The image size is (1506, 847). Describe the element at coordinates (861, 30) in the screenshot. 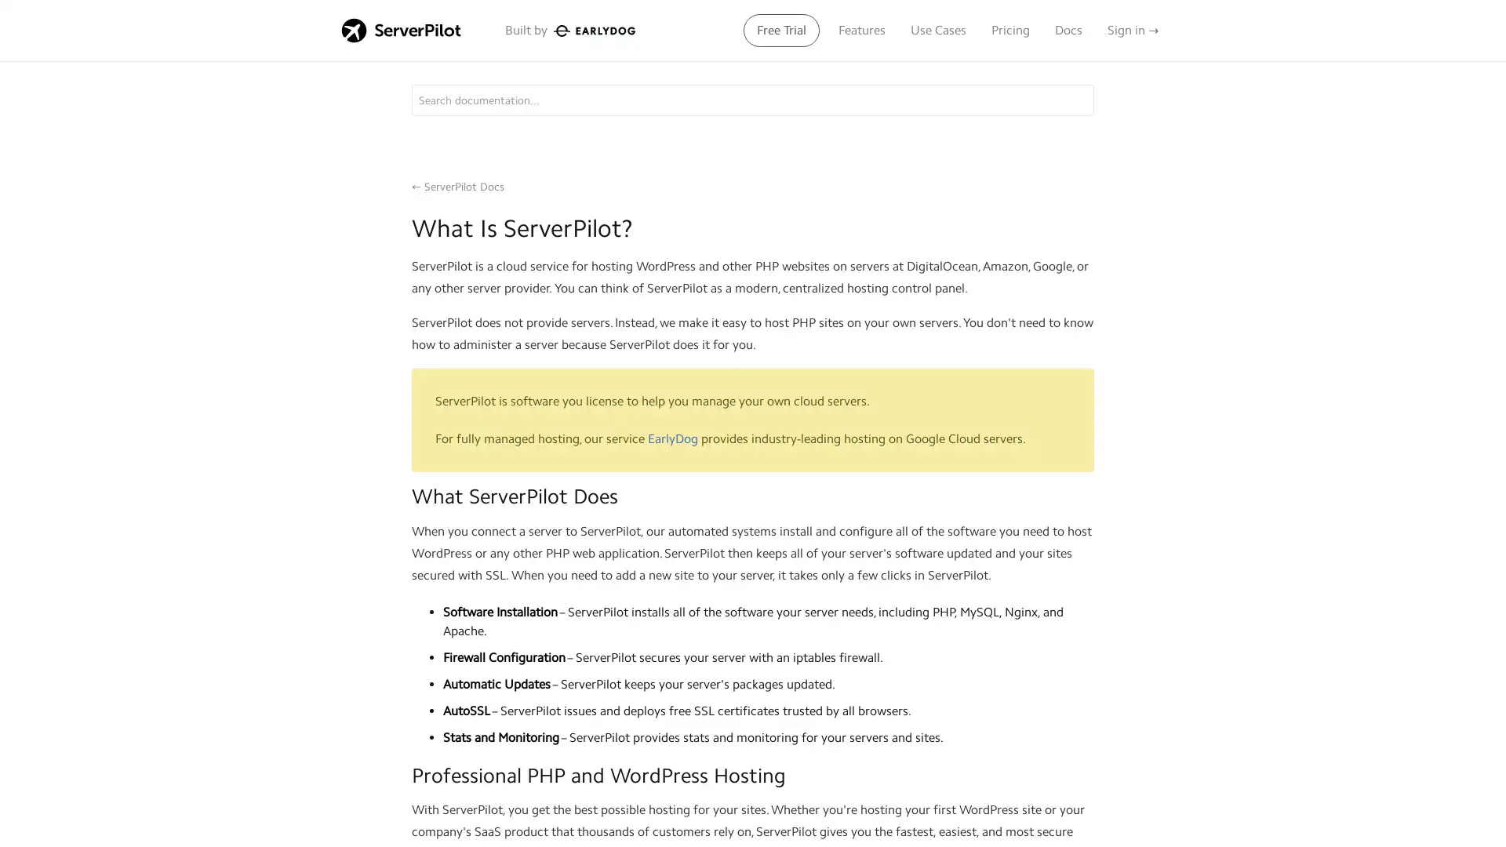

I see `Features` at that location.